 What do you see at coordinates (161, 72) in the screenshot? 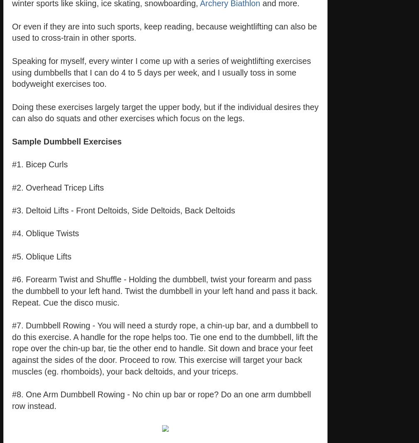
I see `'Speaking for myself, every winter I come up with a series of weightlifting exercises using dumbbells that I can do 4 to 5 days per week, and I usually toss in some bodyweight exercises too.'` at bounding box center [161, 72].